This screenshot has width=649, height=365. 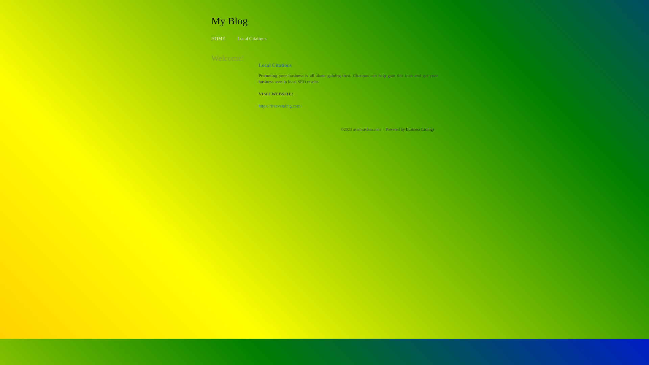 What do you see at coordinates (218, 39) in the screenshot?
I see `'HOME'` at bounding box center [218, 39].